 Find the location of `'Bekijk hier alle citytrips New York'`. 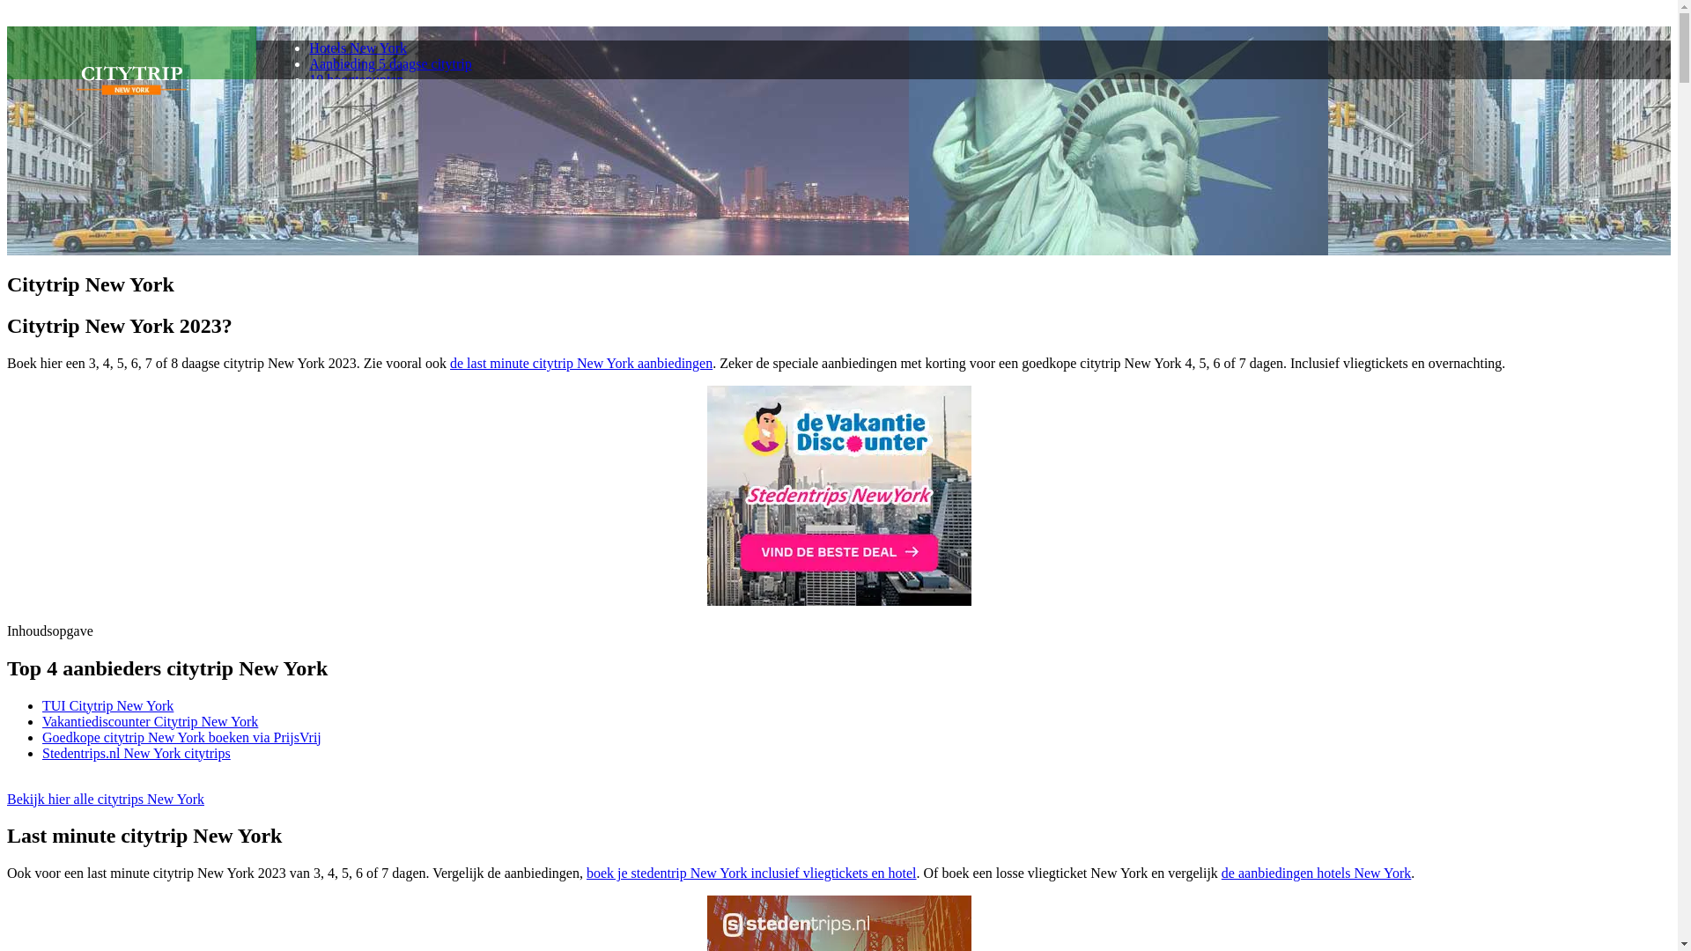

'Bekijk hier alle citytrips New York' is located at coordinates (7, 799).